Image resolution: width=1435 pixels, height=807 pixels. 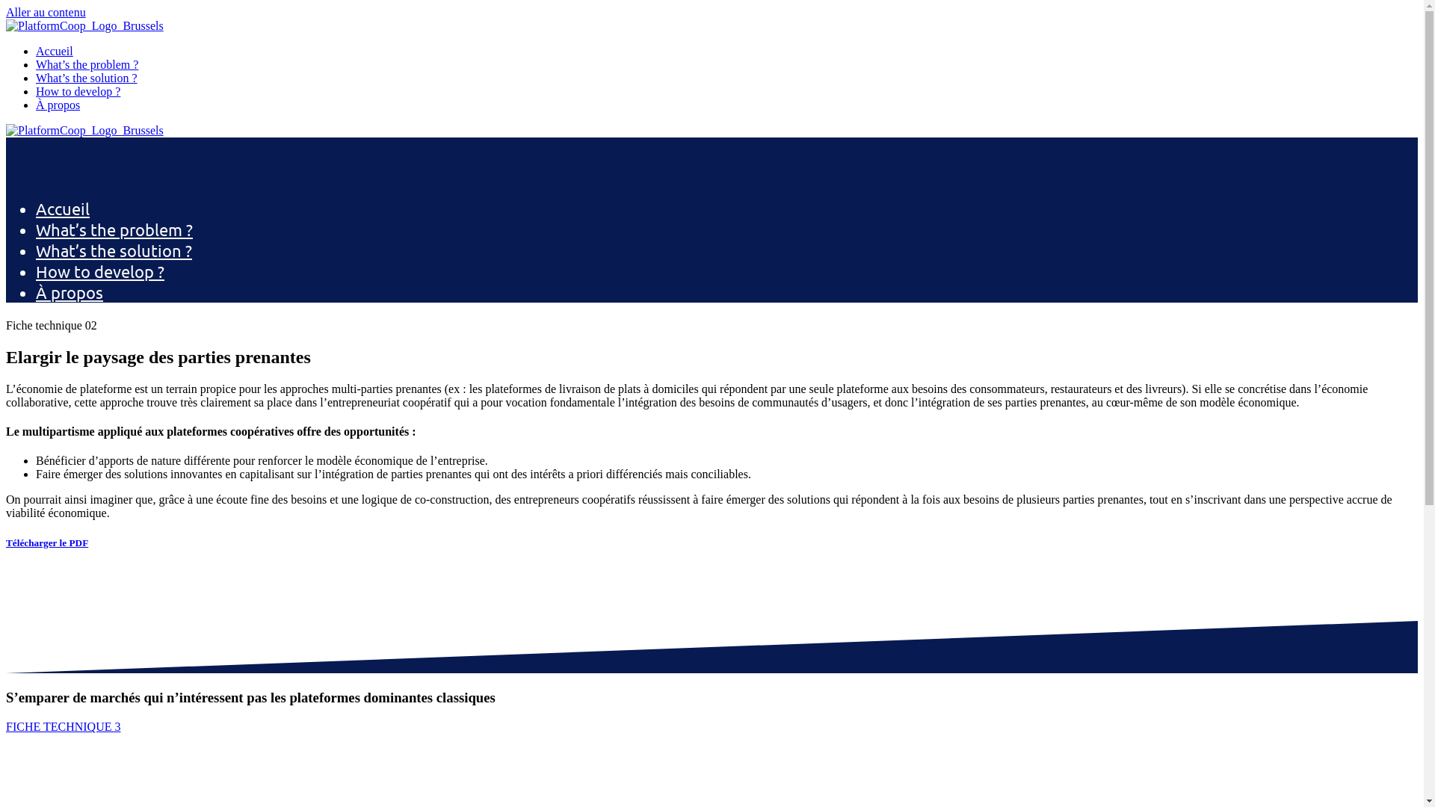 What do you see at coordinates (62, 726) in the screenshot?
I see `'FICHE TECHNIQUE 3'` at bounding box center [62, 726].